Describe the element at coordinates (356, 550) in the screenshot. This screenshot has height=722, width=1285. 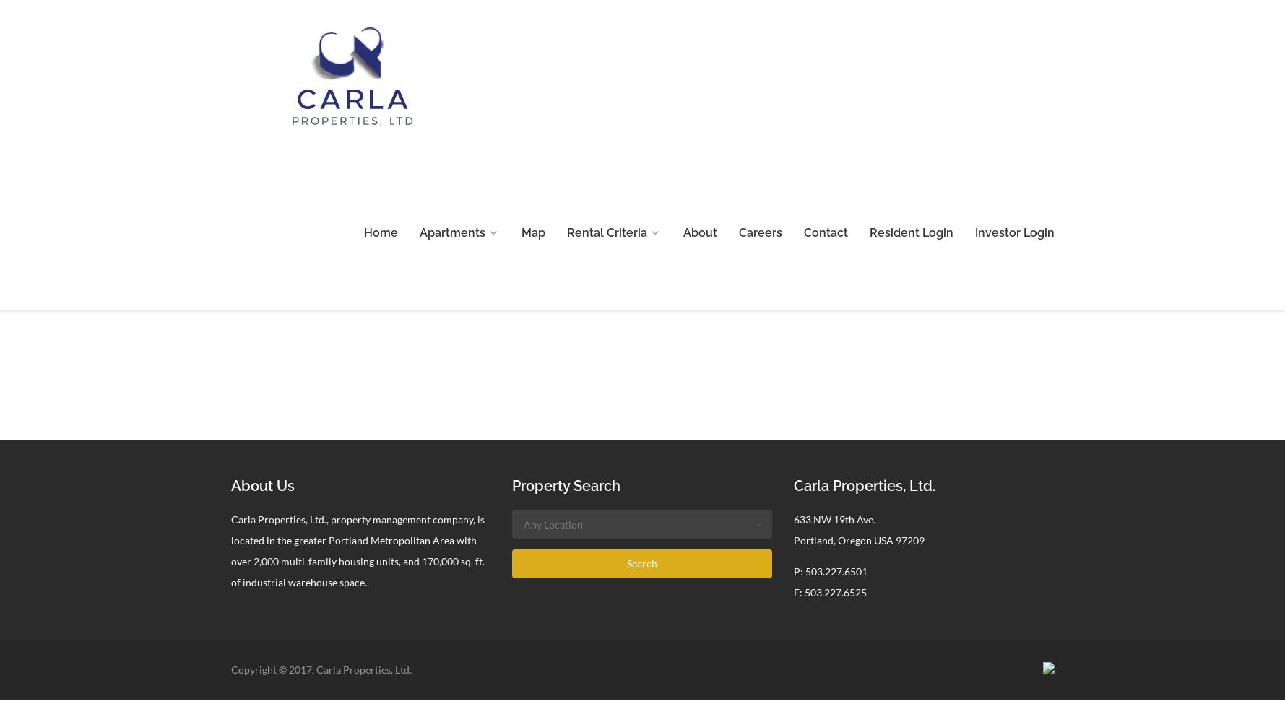
I see `'Carla Properties, Ltd., property management company, is located in the greater Portland Metropolitan Area with over 2,000 multi-family housing units,  and 170,000 sq. ft. of industrial warehouse space.'` at that location.